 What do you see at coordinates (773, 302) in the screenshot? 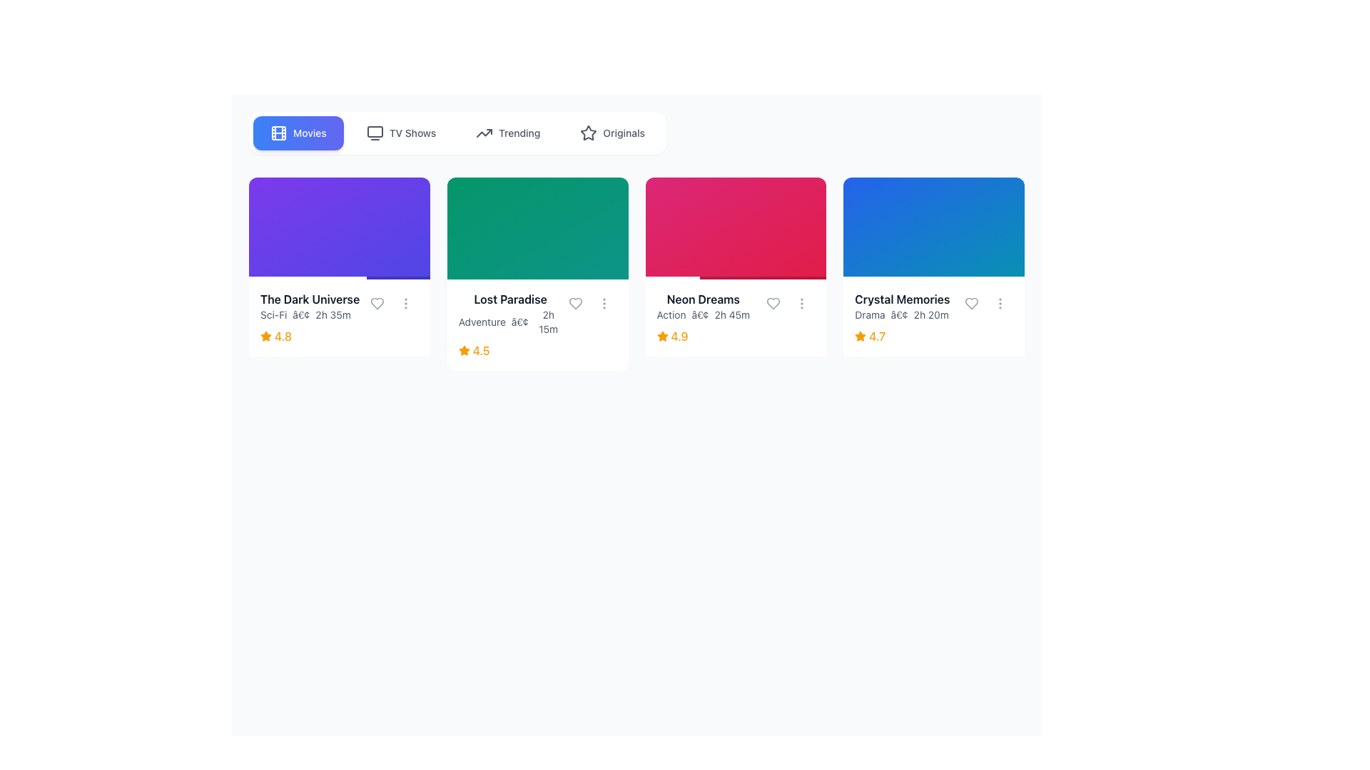
I see `the heart icon button located in the top-right corner of the 'Neon Dreams' card` at bounding box center [773, 302].